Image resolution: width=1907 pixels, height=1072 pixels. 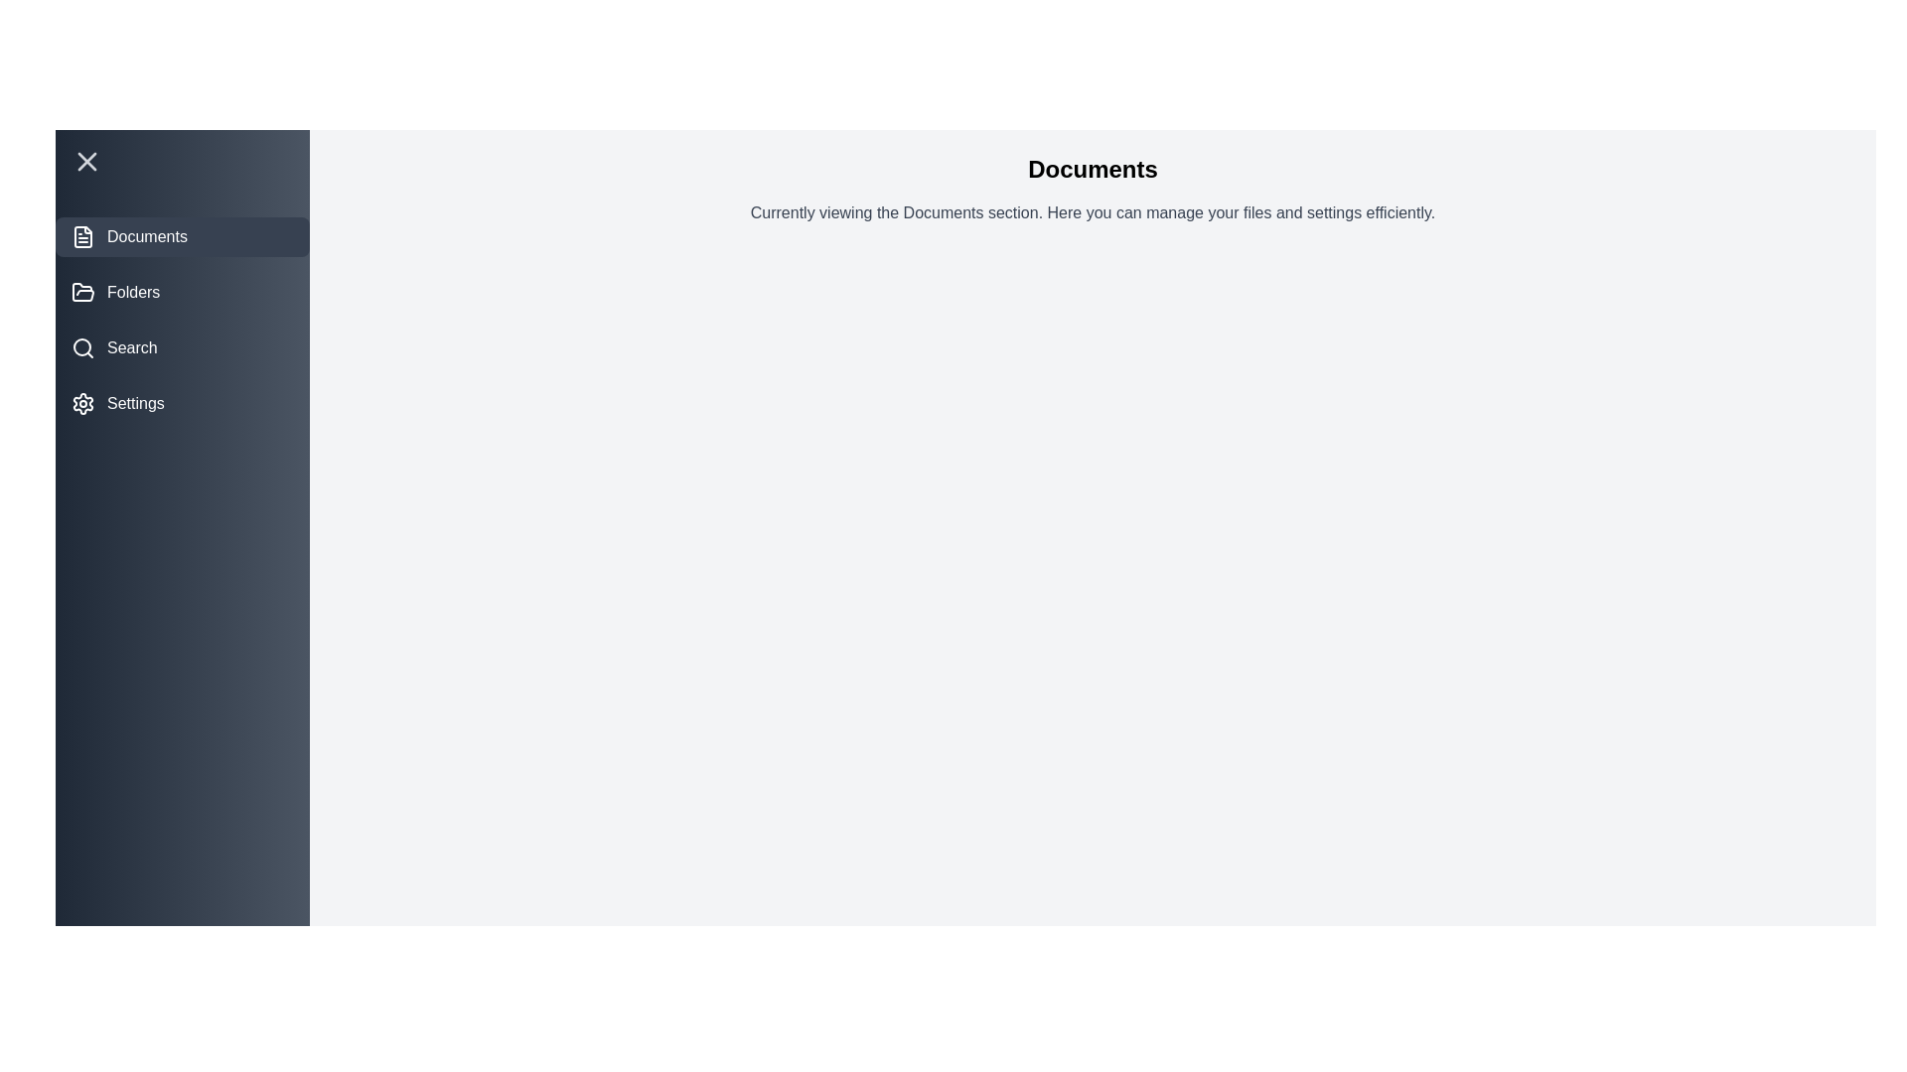 I want to click on the Search section by clicking on its corresponding menu item, so click(x=182, y=347).